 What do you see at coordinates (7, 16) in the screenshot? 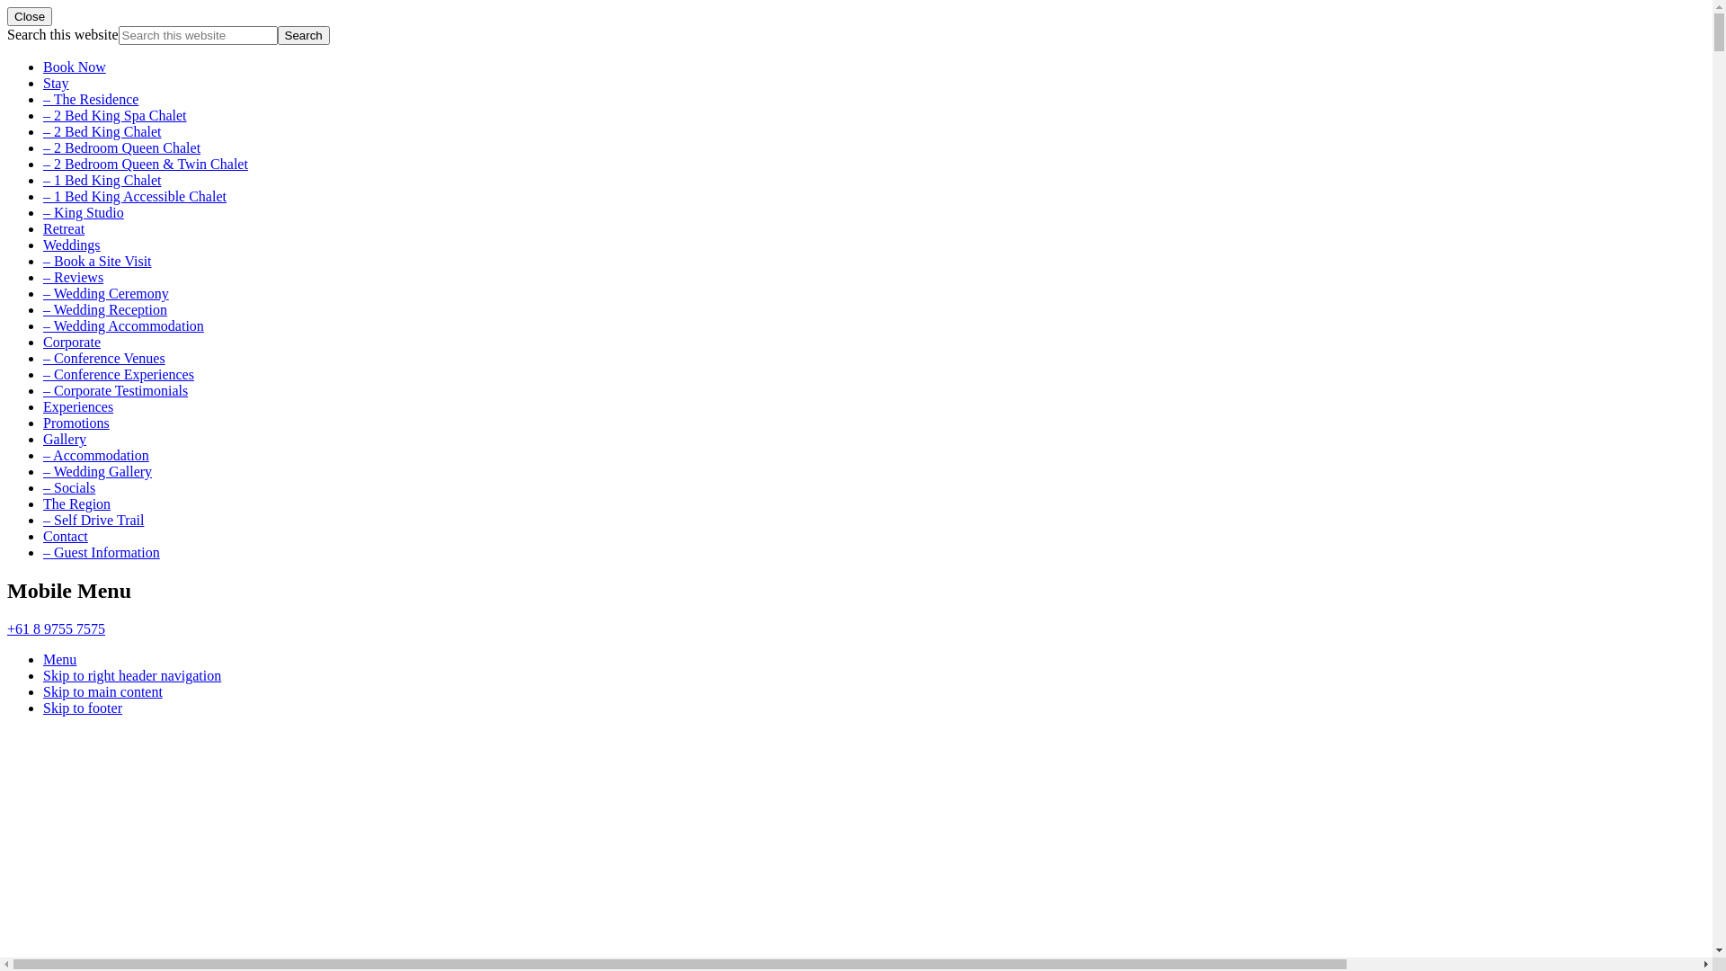
I see `'Close'` at bounding box center [7, 16].